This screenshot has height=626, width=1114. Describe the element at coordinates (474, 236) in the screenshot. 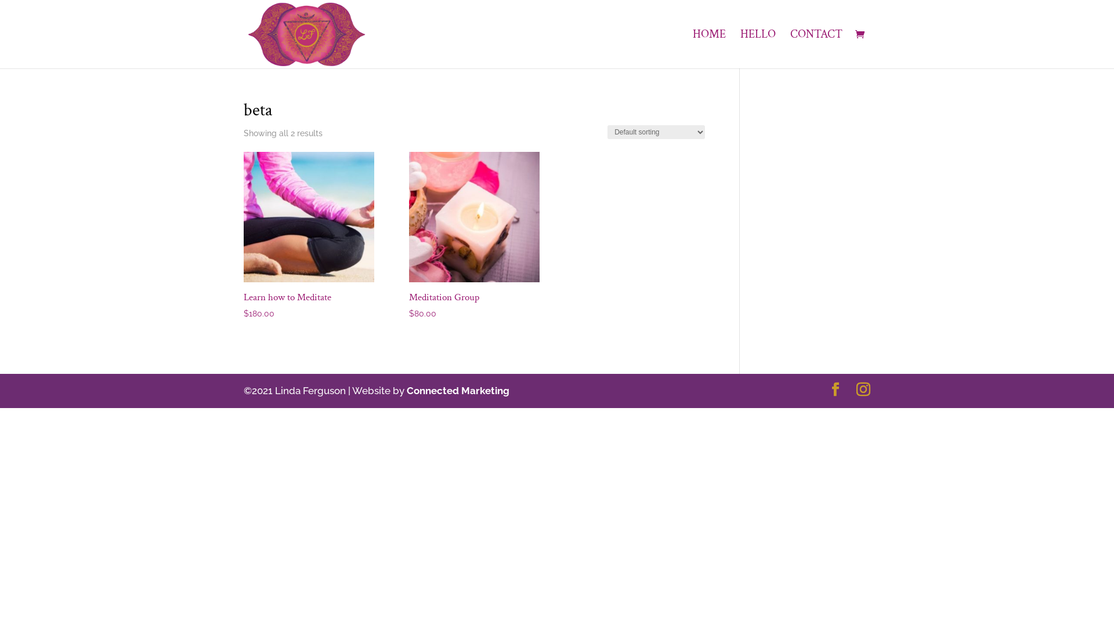

I see `'Meditation Group` at that location.